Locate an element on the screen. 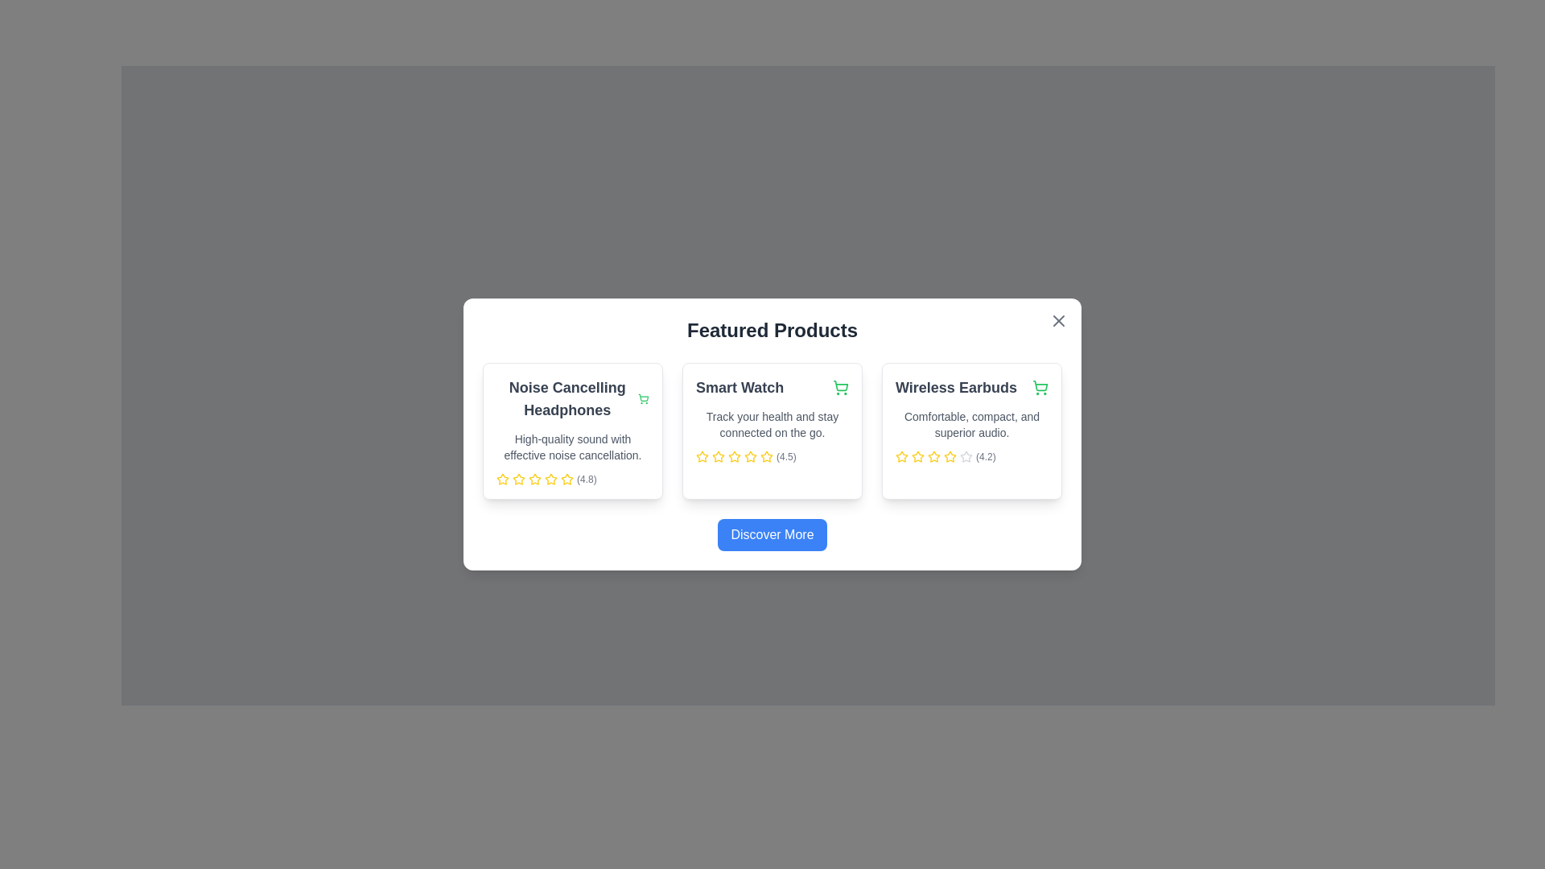  the second star-shaped icon, which is yellow and outlined with a thick stroke, in the five-star rating row beneath the 'Noise Cancelling Headphones' card is located at coordinates (551, 478).